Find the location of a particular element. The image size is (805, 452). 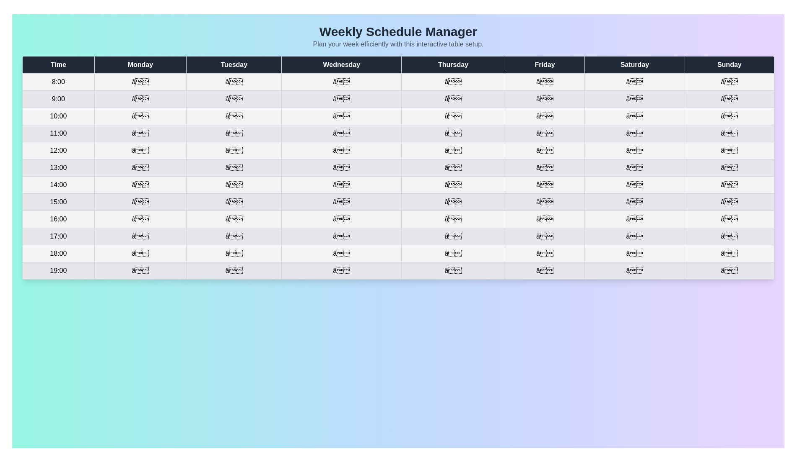

the header of the column labeled Wednesday to sort it is located at coordinates (341, 64).